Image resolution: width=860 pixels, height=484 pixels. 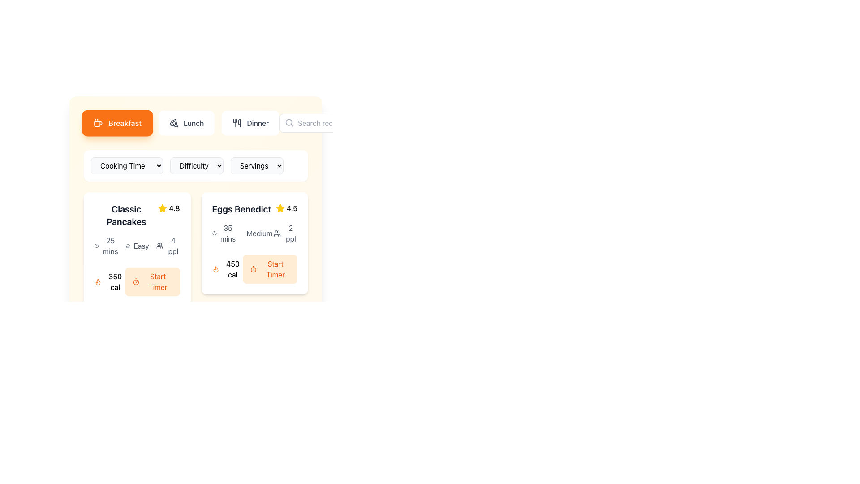 I want to click on the text element displaying '450 cal' which is located in the bottom left corner of the 'Eggs Benedict' card, beneath the flame icon, so click(x=232, y=269).